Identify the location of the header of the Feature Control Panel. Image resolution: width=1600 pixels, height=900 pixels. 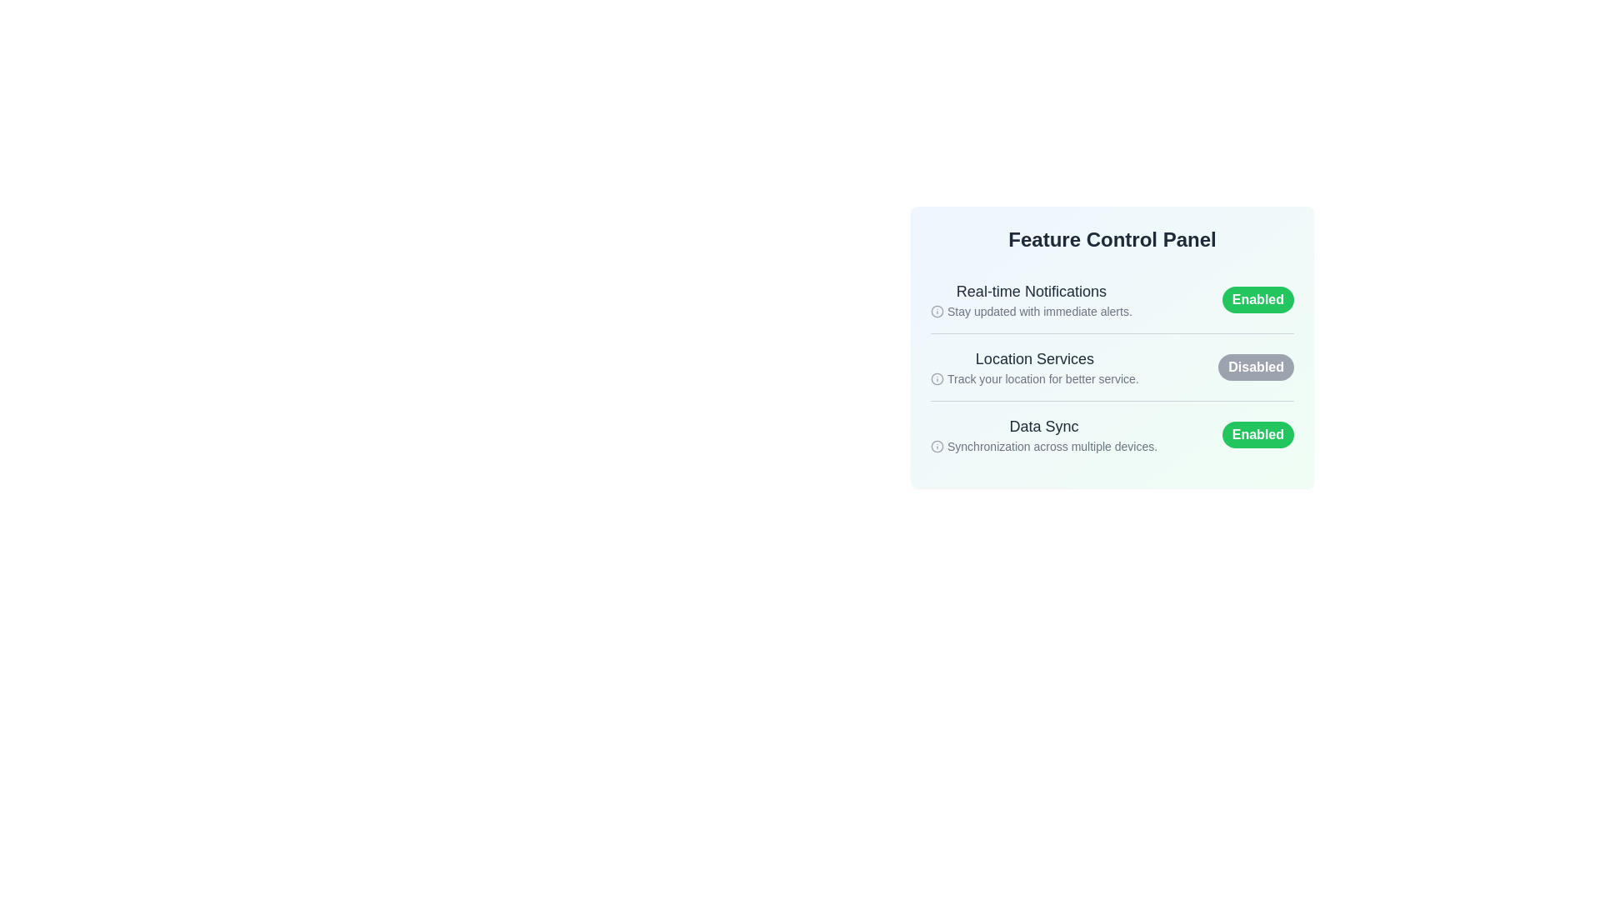
(1112, 240).